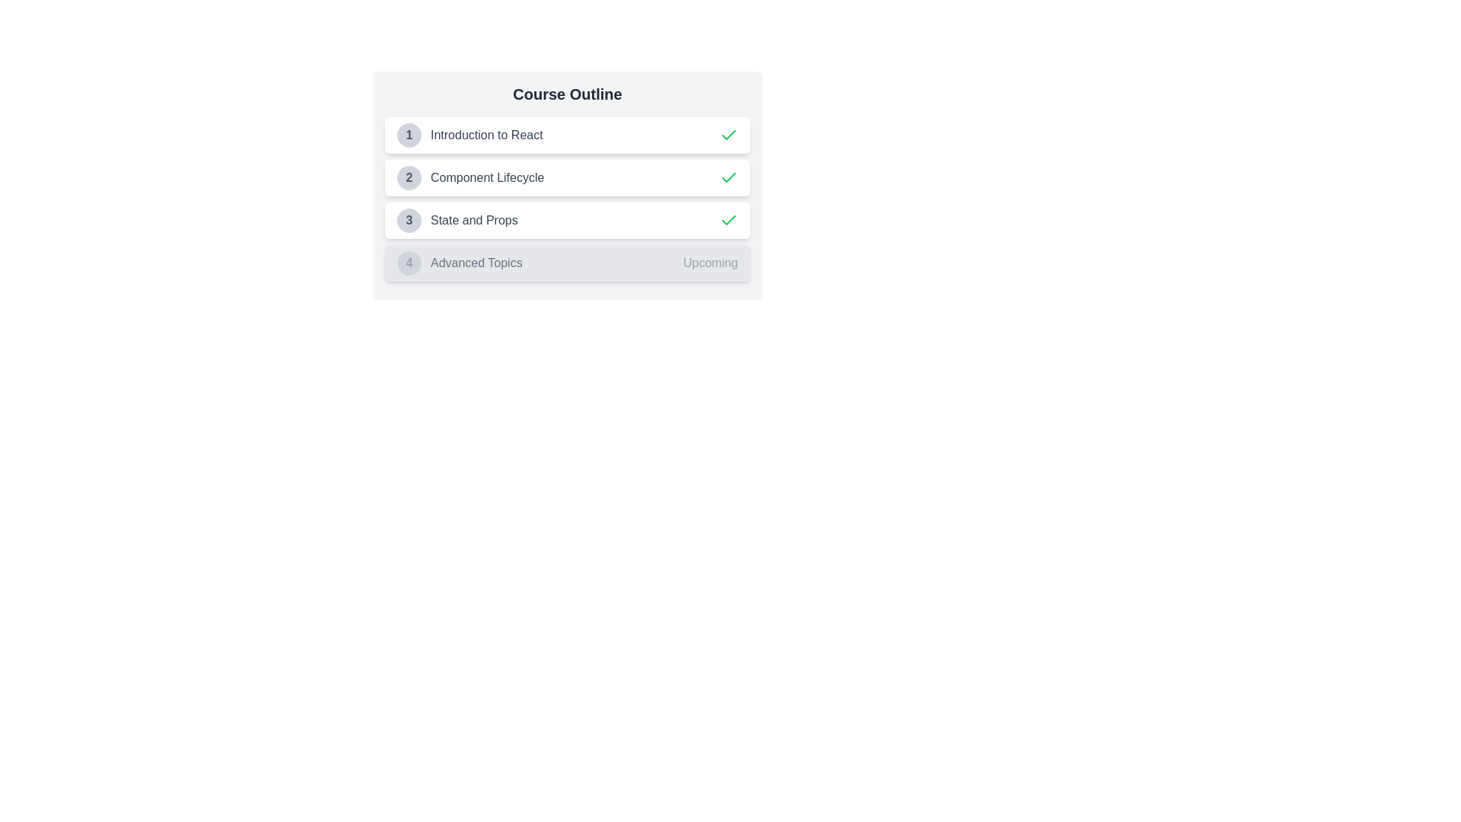  What do you see at coordinates (457, 220) in the screenshot?
I see `the third list item labeled 'State and Props'` at bounding box center [457, 220].